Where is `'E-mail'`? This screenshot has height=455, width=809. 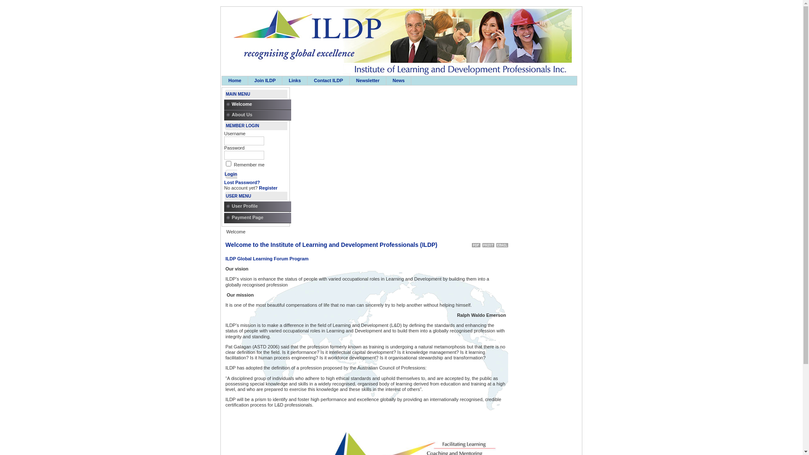 'E-mail' is located at coordinates (502, 244).